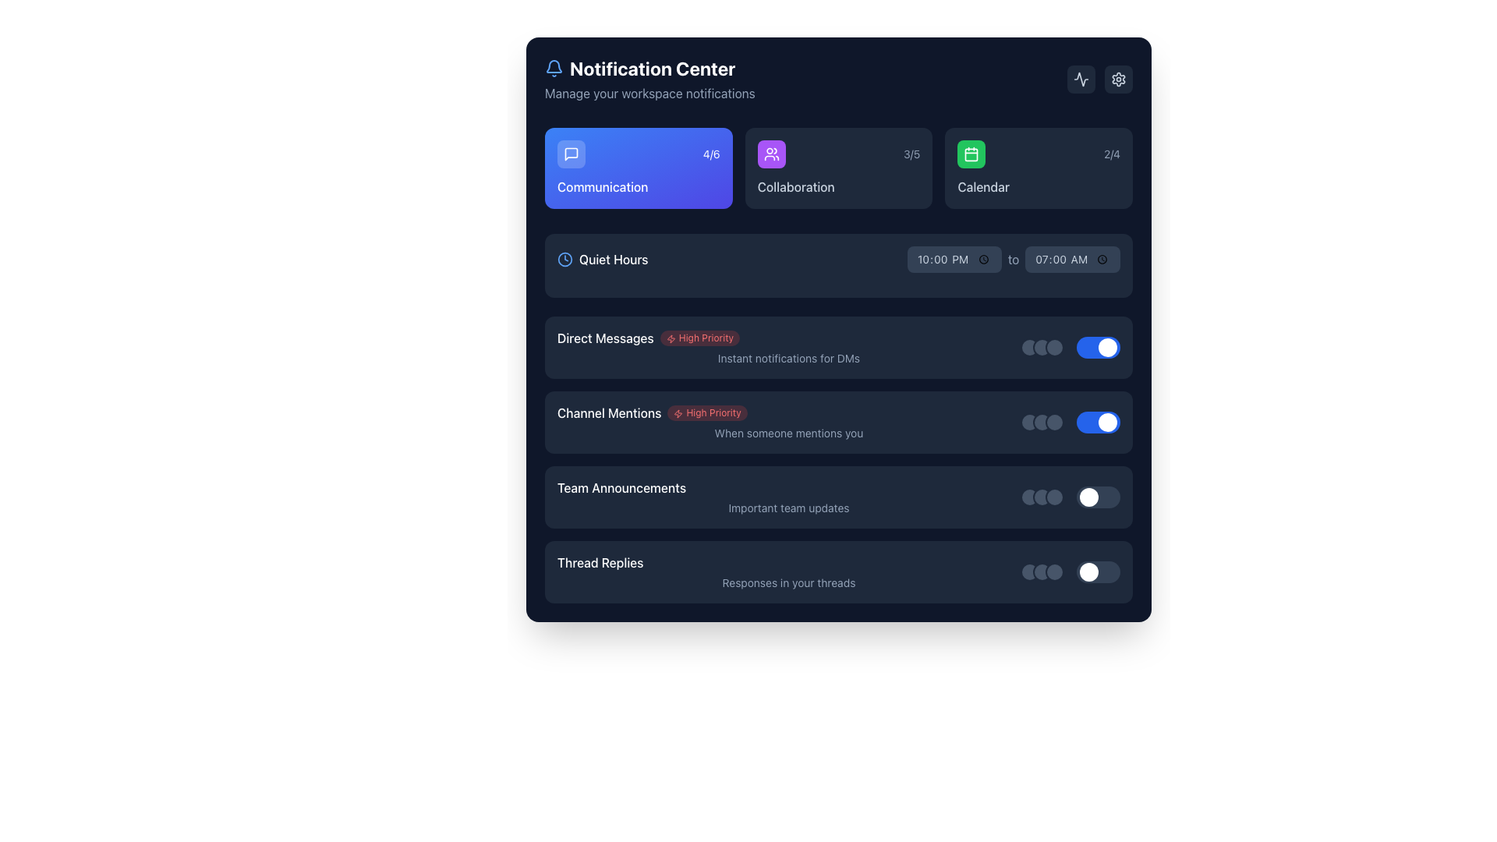  Describe the element at coordinates (678, 412) in the screenshot. I see `the visual cue provided by the lightning bolt icon styled as an SVG graphic, which is located within the 'High Priority' label` at that location.